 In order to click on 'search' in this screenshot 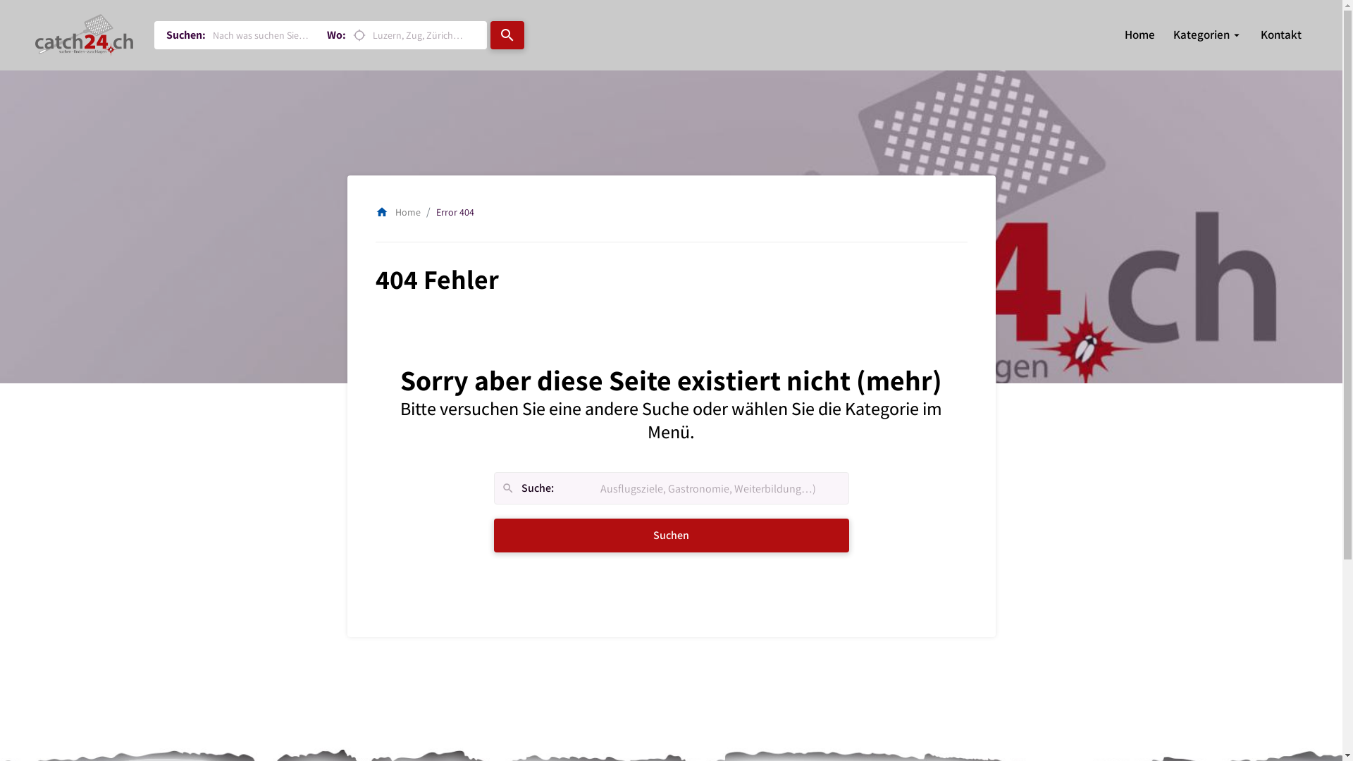, I will do `click(507, 35)`.